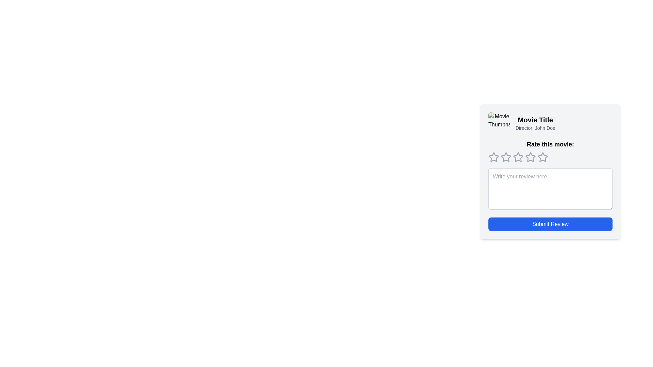  Describe the element at coordinates (518, 157) in the screenshot. I see `the third star-shaped icon button with a gray outline, which is part of the rating system under the 'Rate this movie' label` at that location.